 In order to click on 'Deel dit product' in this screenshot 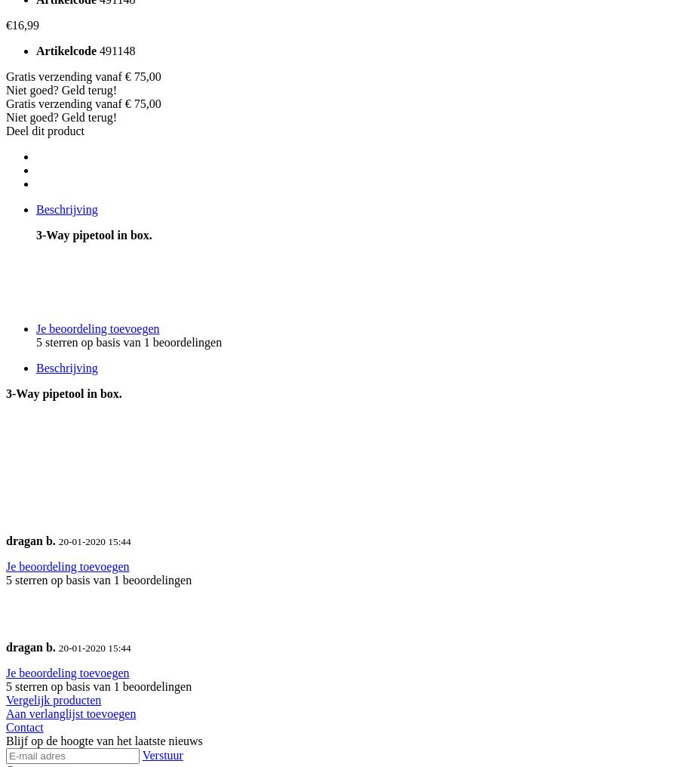, I will do `click(5, 130)`.